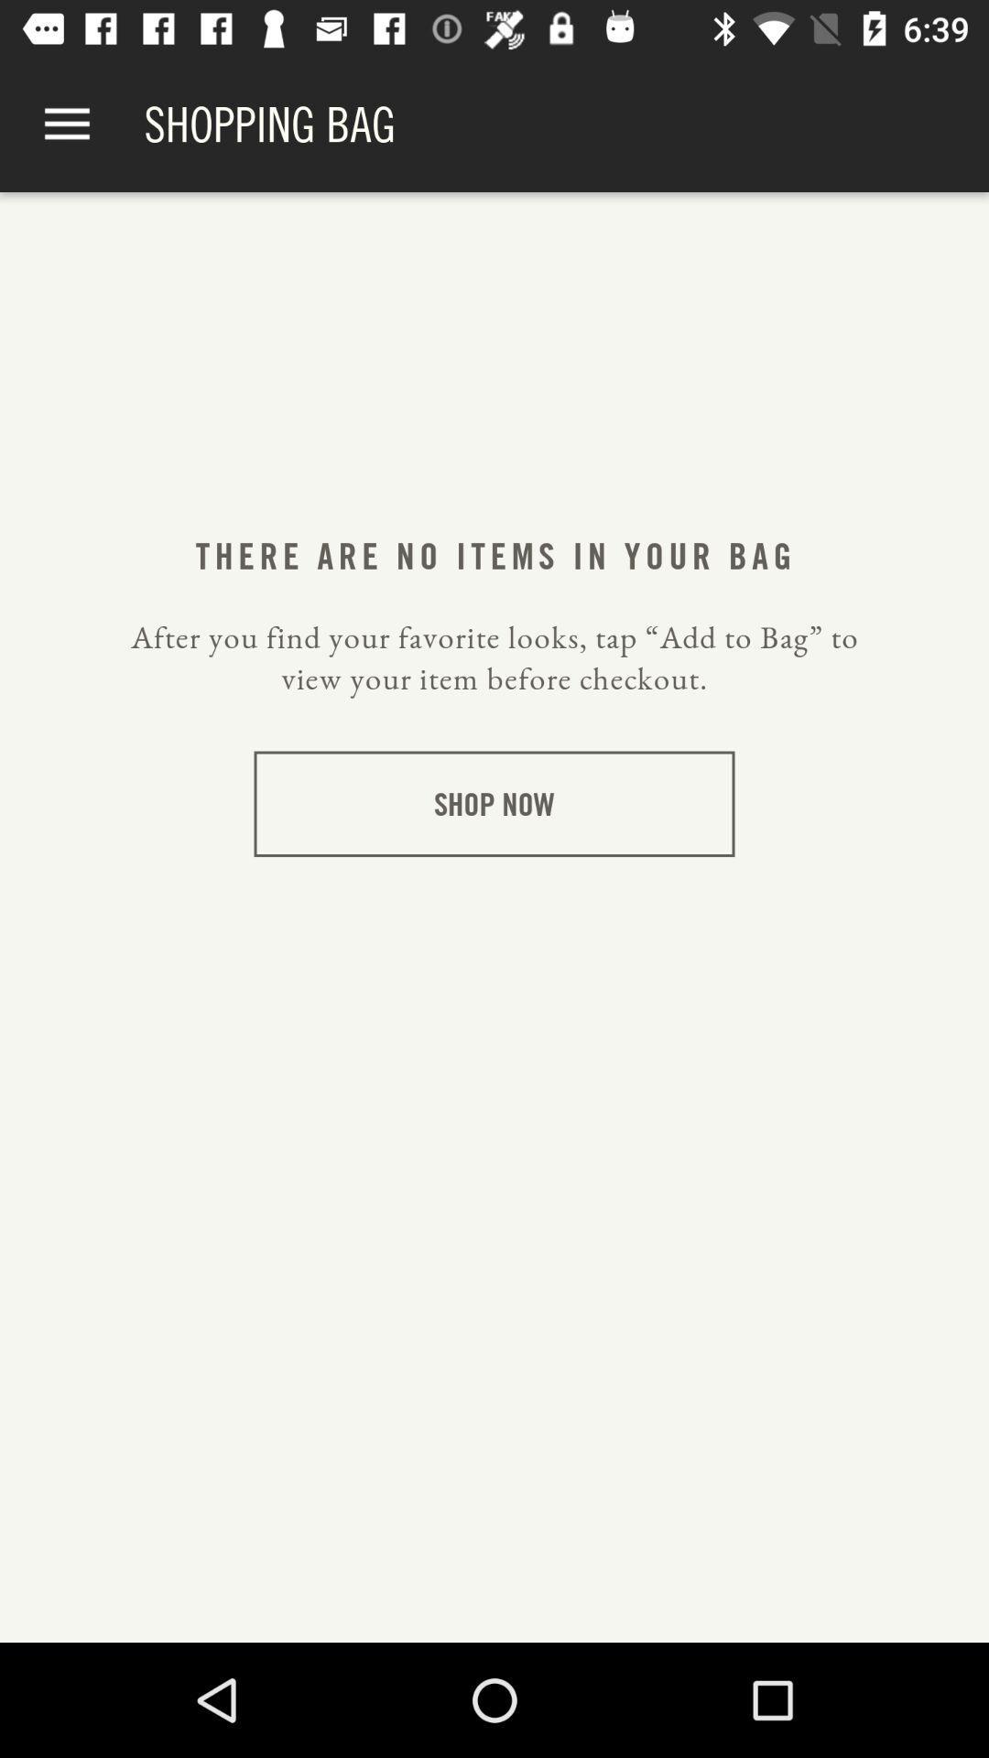 Image resolution: width=989 pixels, height=1758 pixels. What do you see at coordinates (493, 555) in the screenshot?
I see `item above the after you find item` at bounding box center [493, 555].